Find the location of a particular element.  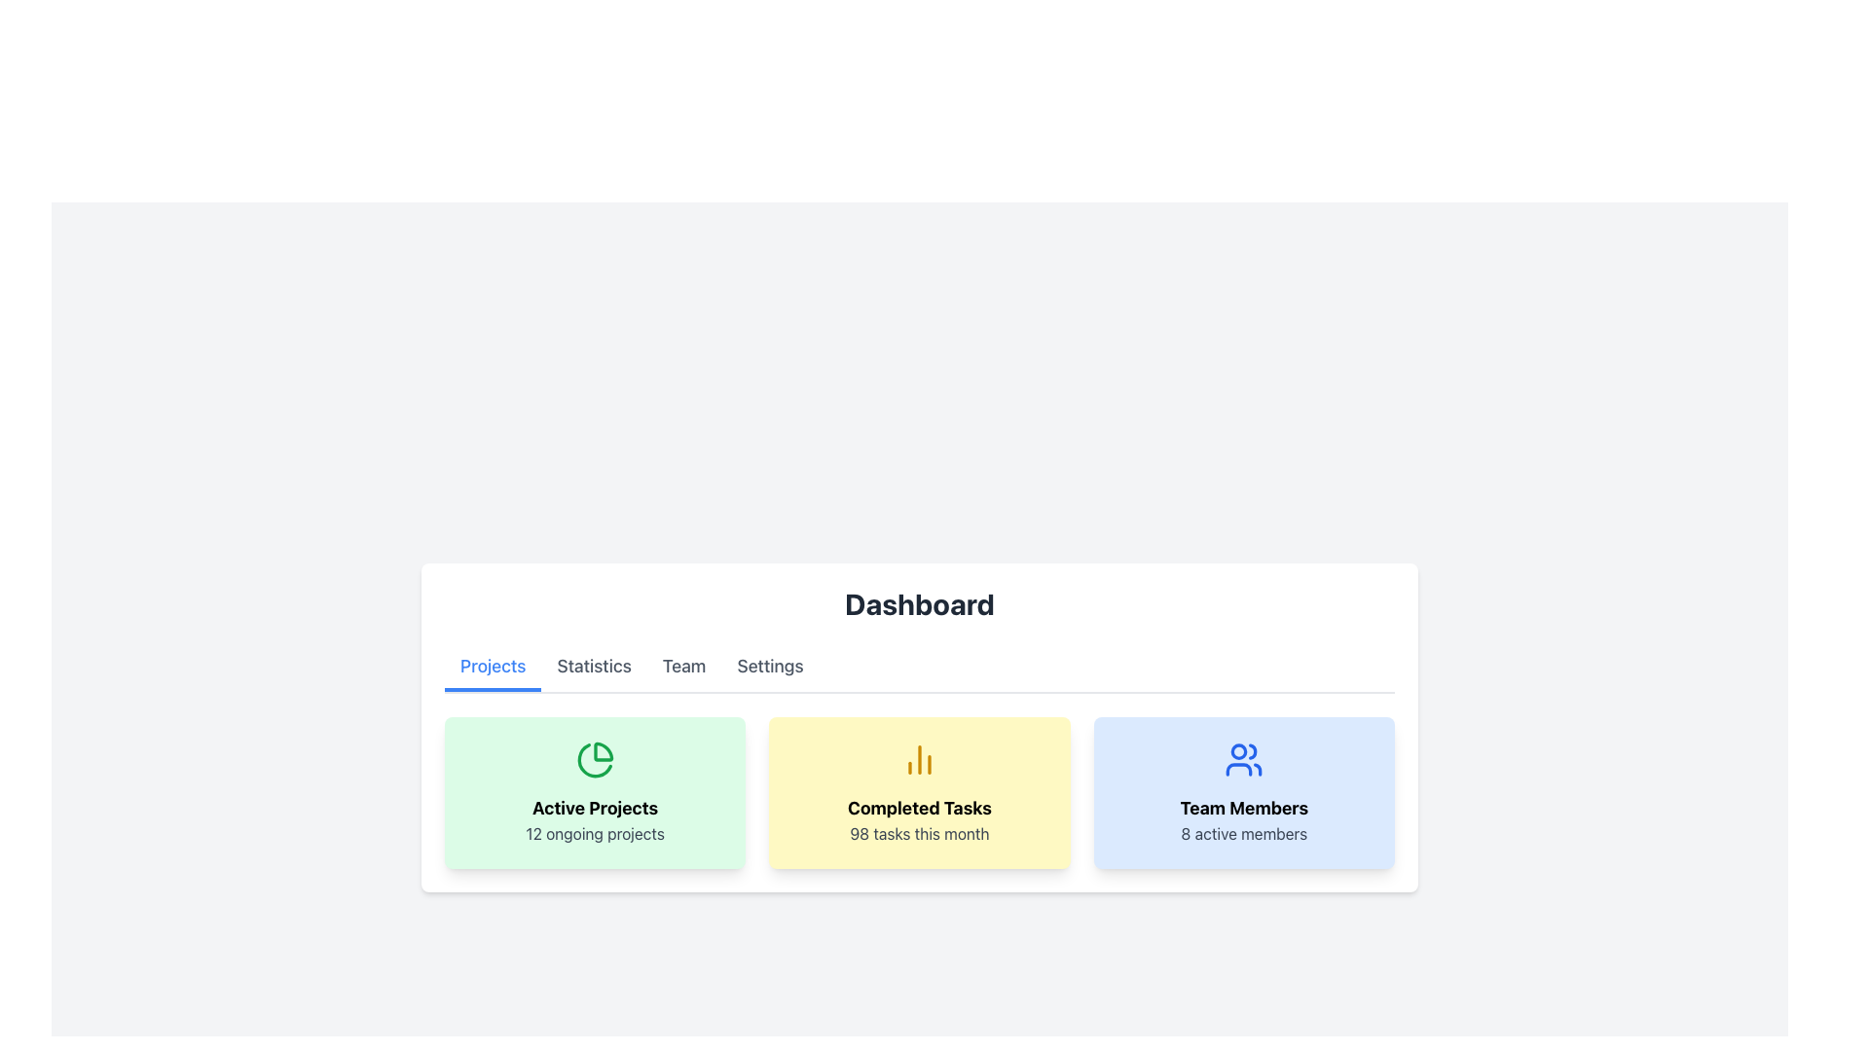

text label that displays '98 tasks this month' located at the bottom of the yellow card titled 'Completed Tasks' is located at coordinates (919, 832).